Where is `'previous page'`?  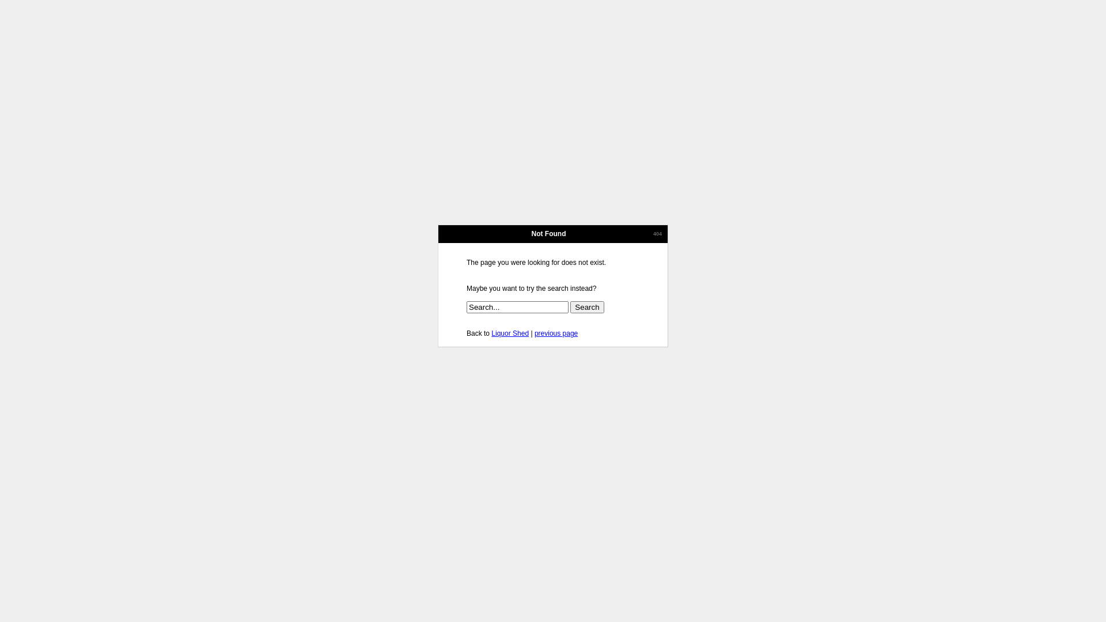 'previous page' is located at coordinates (556, 333).